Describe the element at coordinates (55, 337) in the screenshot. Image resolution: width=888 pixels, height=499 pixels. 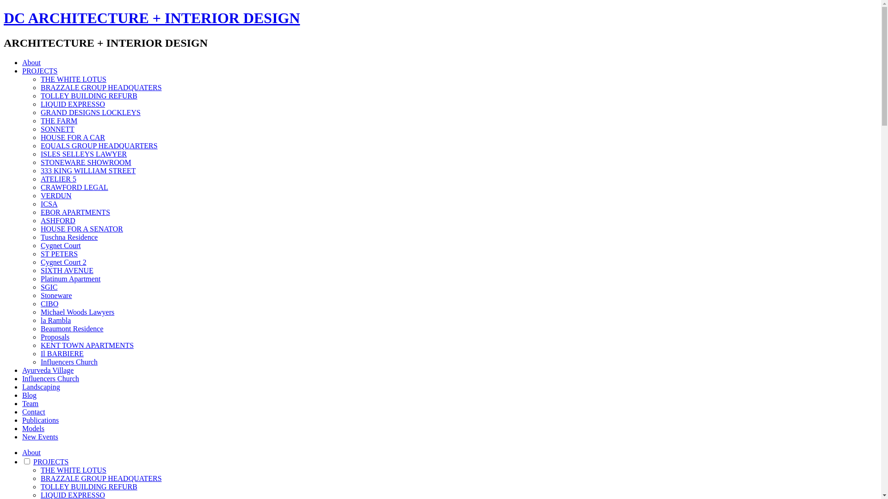
I see `'Proposals'` at that location.